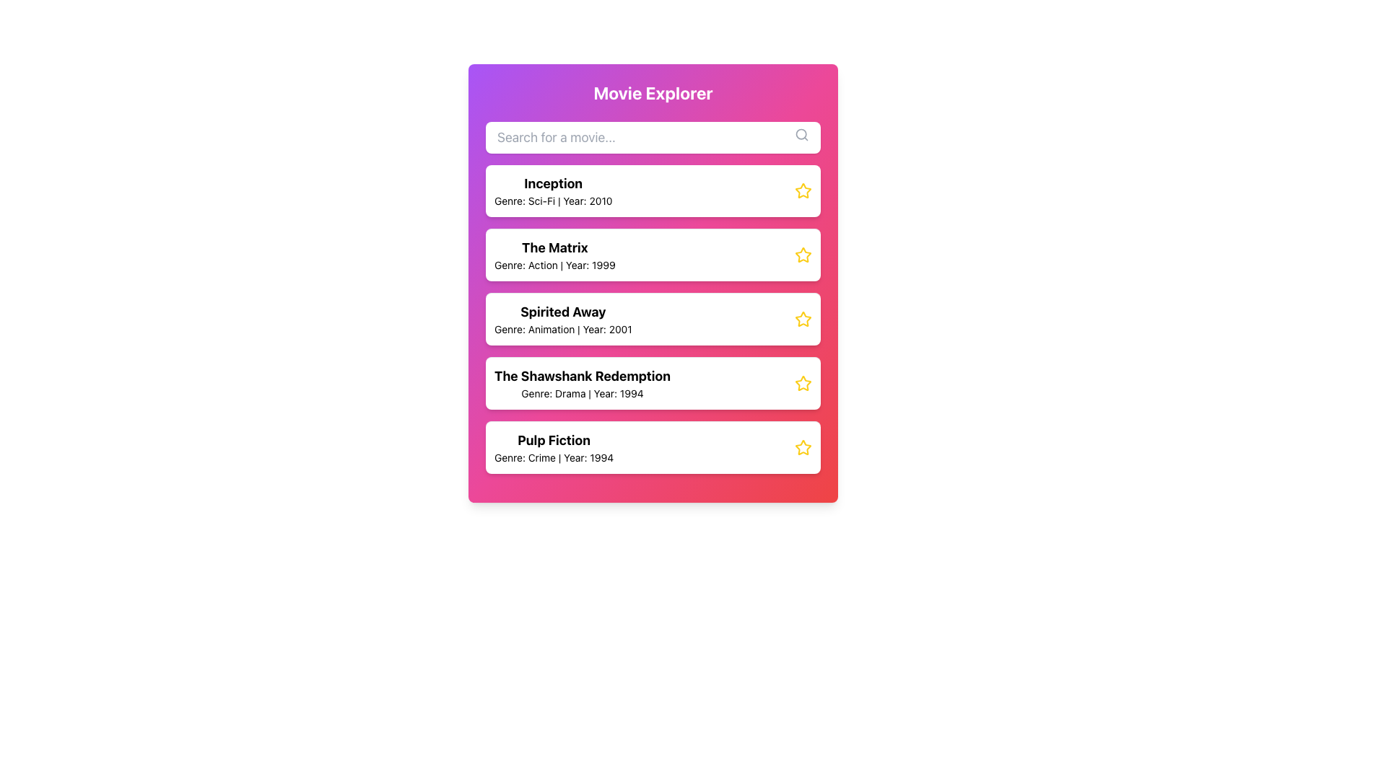 Image resolution: width=1386 pixels, height=779 pixels. Describe the element at coordinates (562, 329) in the screenshot. I see `the static text displaying 'Genre: Animation | Year: 2001', which is located directly below the title 'Spirited Away'` at that location.